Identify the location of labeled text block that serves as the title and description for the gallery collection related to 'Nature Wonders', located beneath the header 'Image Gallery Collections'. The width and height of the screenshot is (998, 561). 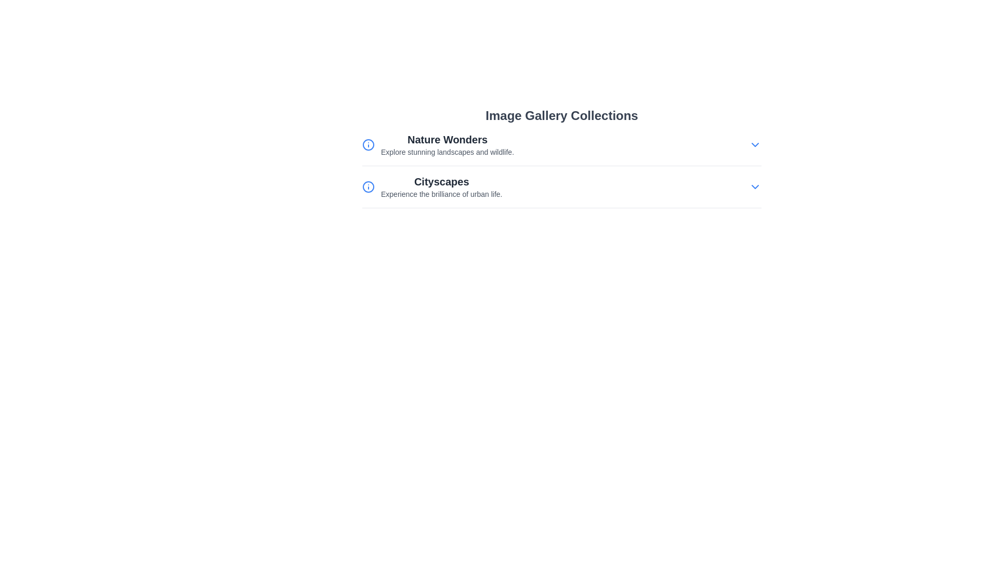
(447, 144).